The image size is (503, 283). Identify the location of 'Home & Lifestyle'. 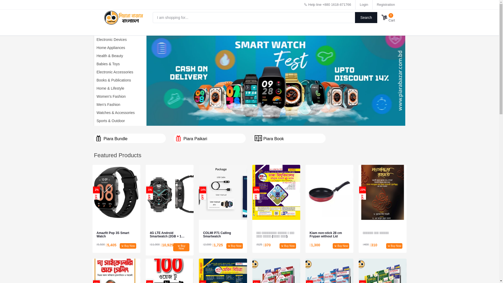
(94, 88).